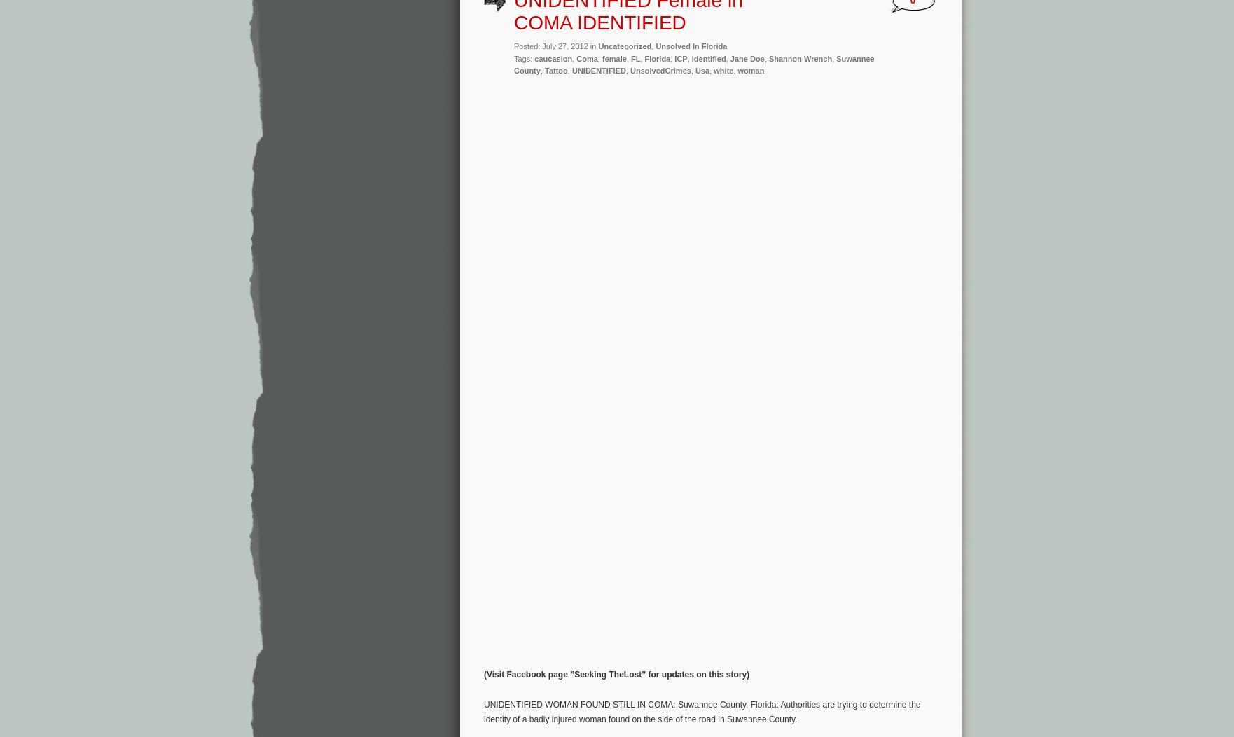 The width and height of the screenshot is (1234, 737). Describe the element at coordinates (630, 57) in the screenshot. I see `'FL'` at that location.